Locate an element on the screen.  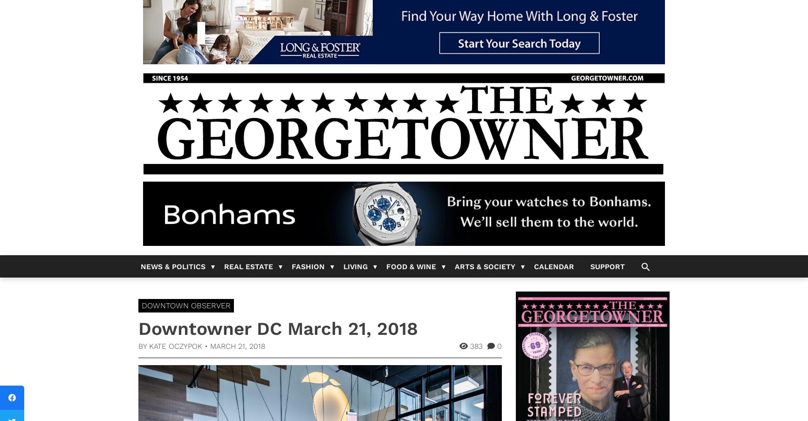
'Support' is located at coordinates (607, 266).